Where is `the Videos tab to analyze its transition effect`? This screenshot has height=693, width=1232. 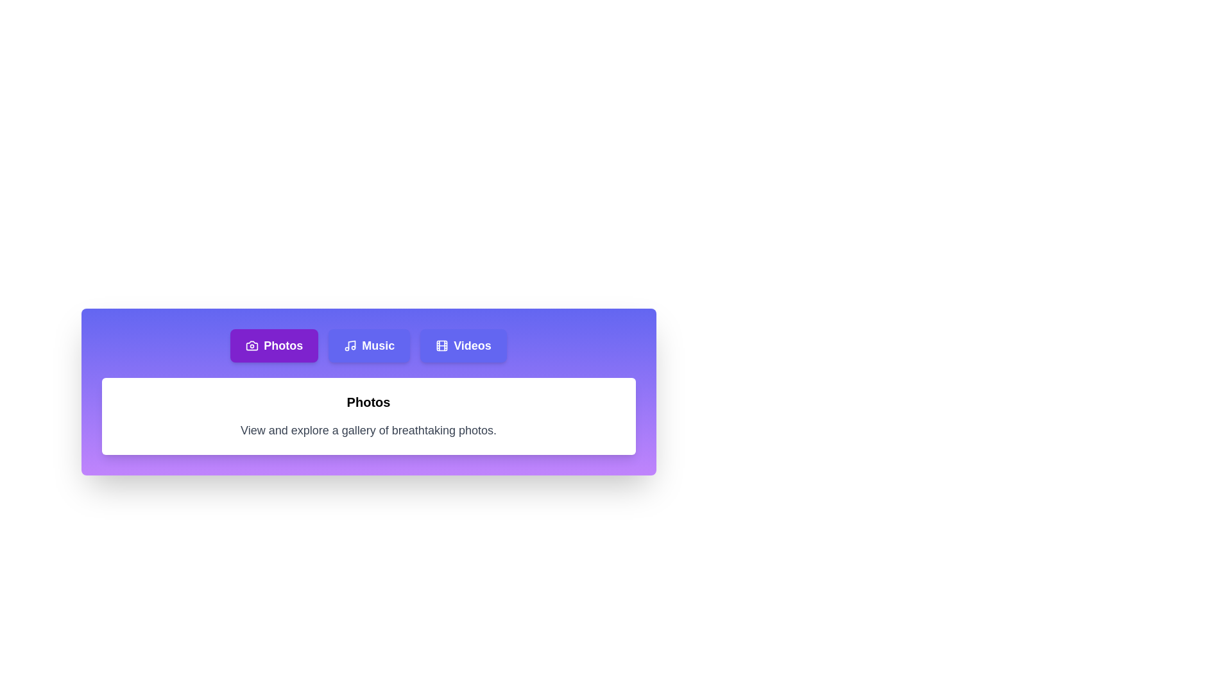
the Videos tab to analyze its transition effect is located at coordinates (462, 345).